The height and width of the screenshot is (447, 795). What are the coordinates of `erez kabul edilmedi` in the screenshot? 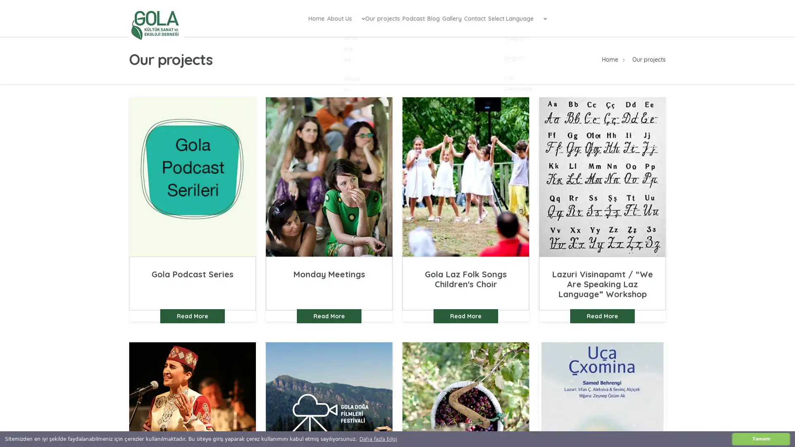 It's located at (761, 438).